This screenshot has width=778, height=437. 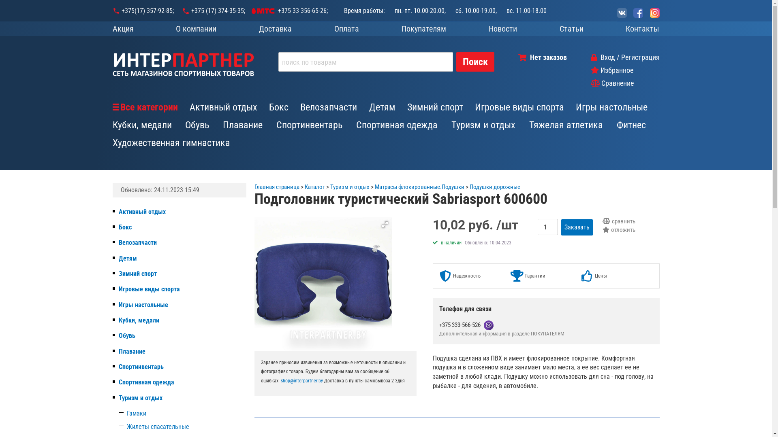 I want to click on ' +375 (17) 374-35-35;', so click(x=181, y=11).